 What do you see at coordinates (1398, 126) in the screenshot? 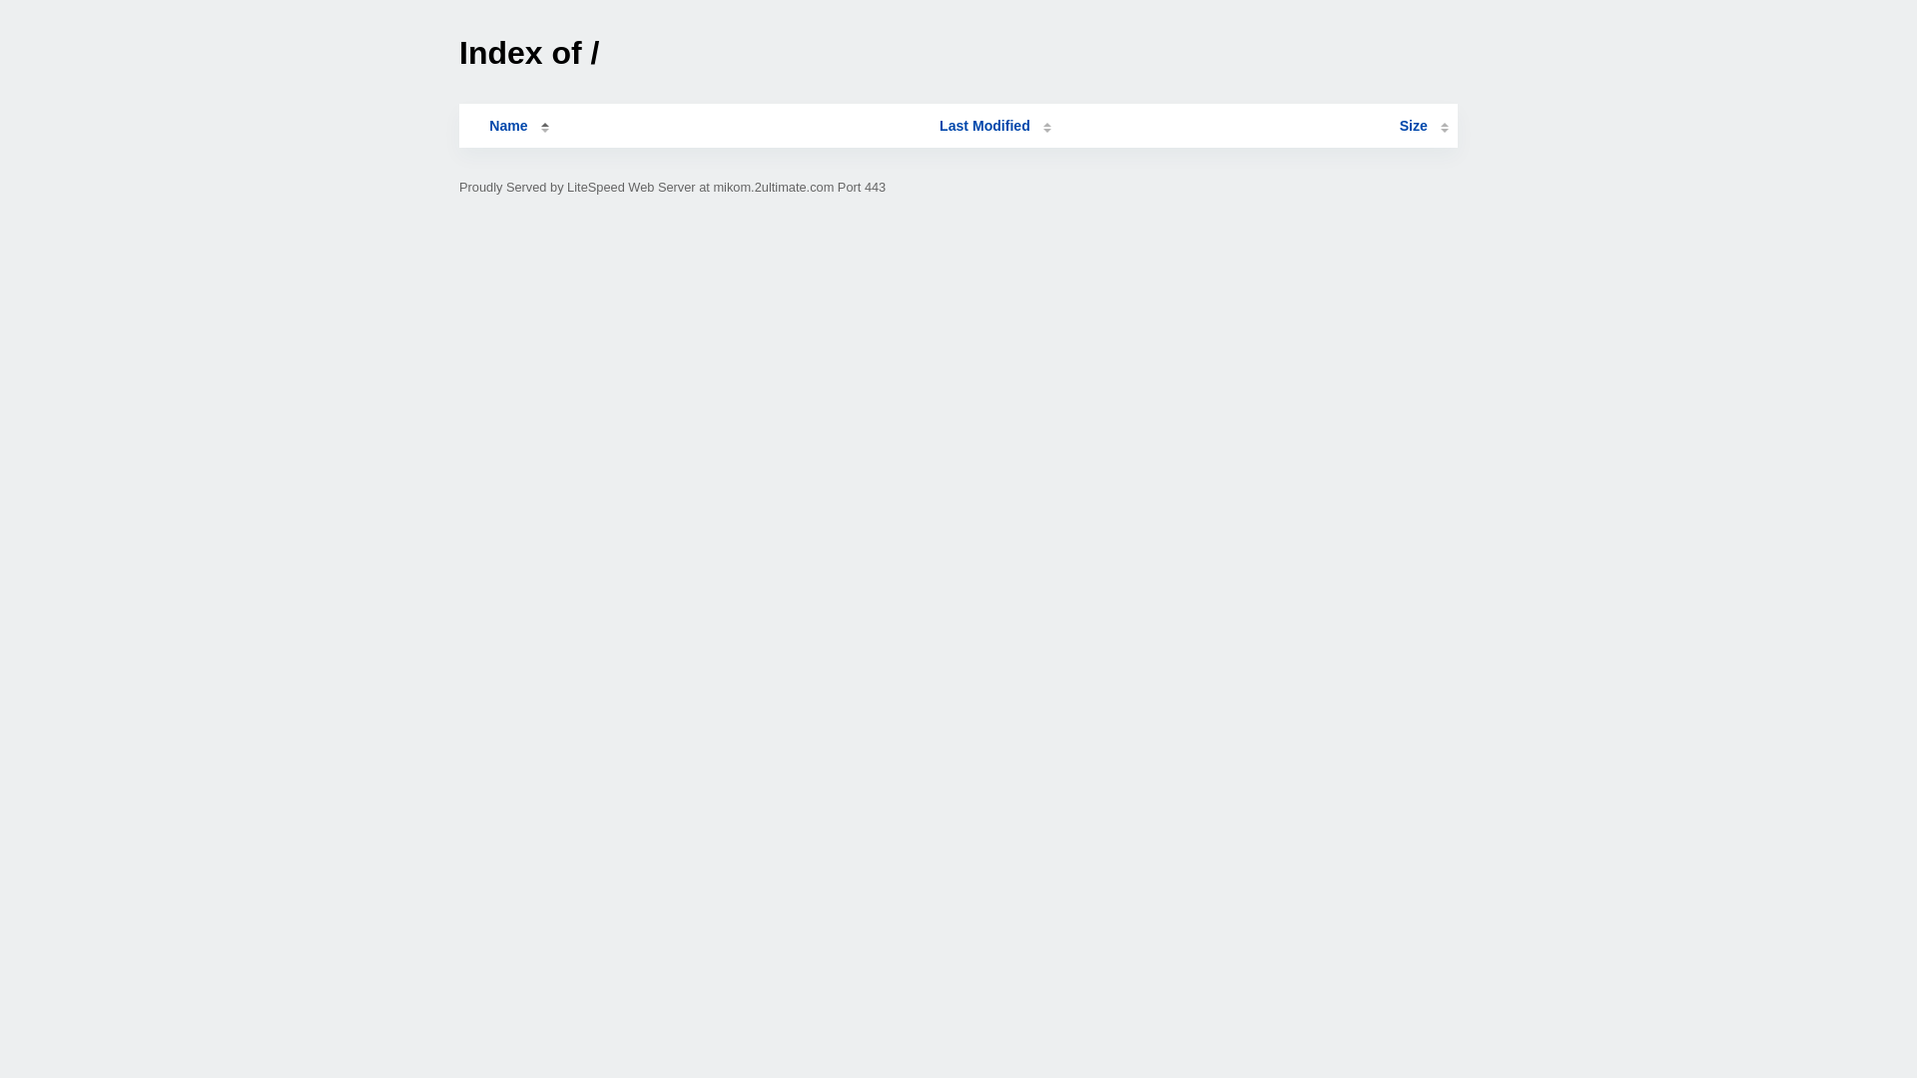
I see `'Size'` at bounding box center [1398, 126].